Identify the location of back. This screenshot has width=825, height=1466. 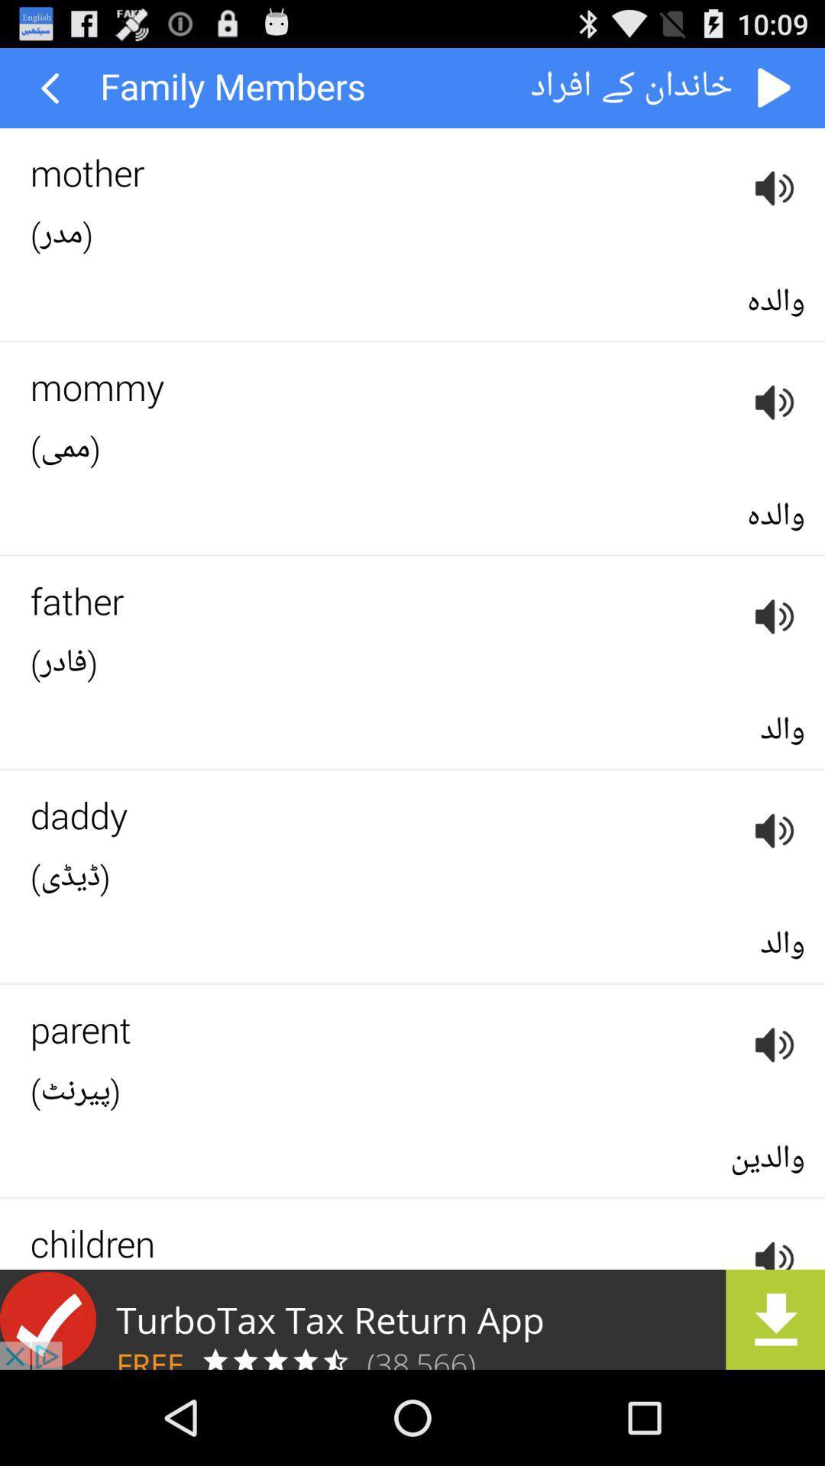
(775, 87).